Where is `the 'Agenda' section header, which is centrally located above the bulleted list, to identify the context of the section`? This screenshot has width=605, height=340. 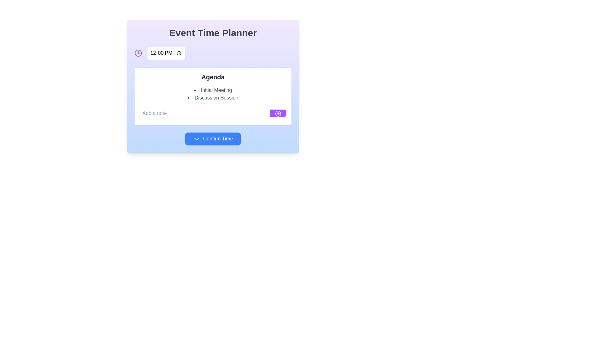 the 'Agenda' section header, which is centrally located above the bulleted list, to identify the context of the section is located at coordinates (213, 77).